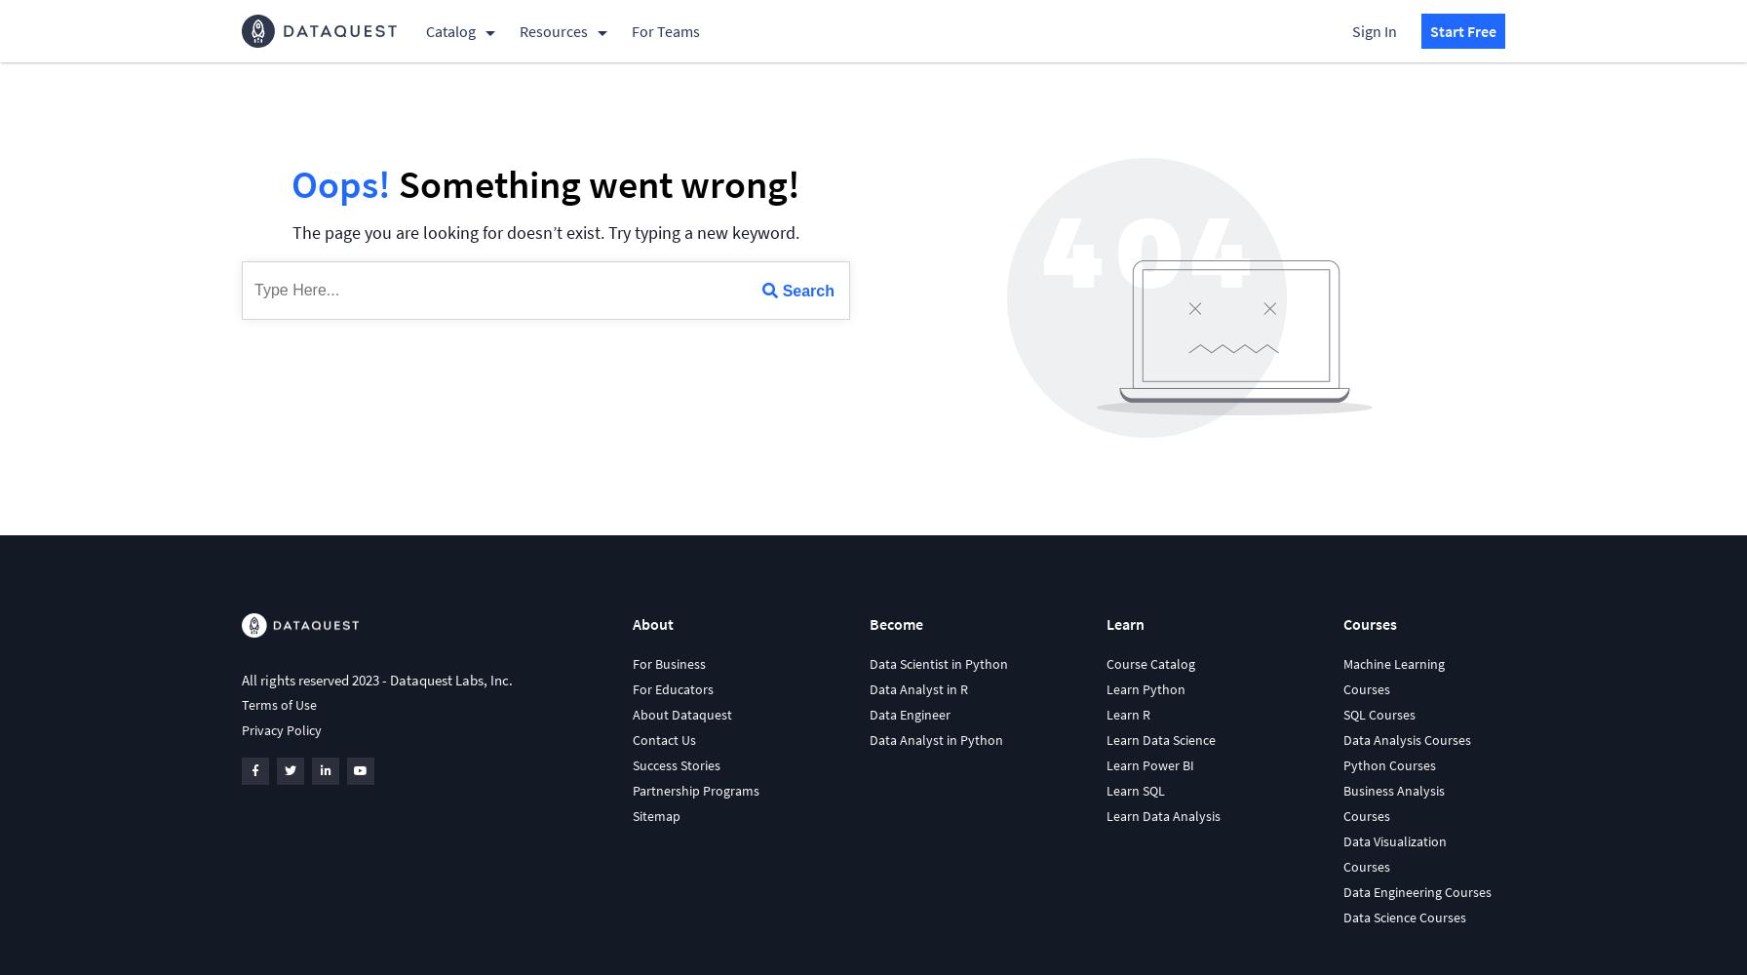  Describe the element at coordinates (1148, 765) in the screenshot. I see `'Learn Power BI'` at that location.